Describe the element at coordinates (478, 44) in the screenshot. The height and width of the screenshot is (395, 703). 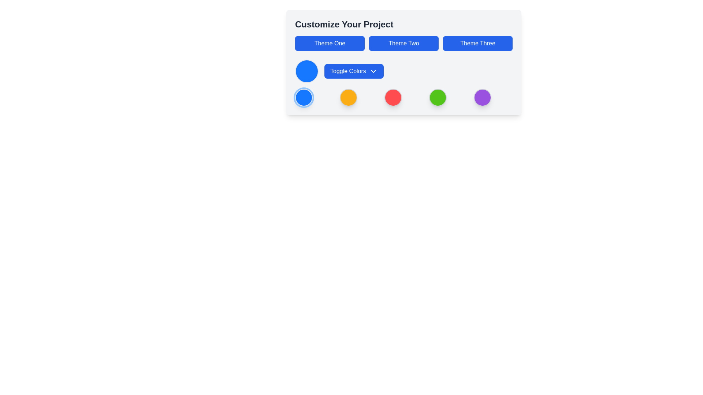
I see `the rectangular button with a blue background and white text that reads 'Theme Three'` at that location.